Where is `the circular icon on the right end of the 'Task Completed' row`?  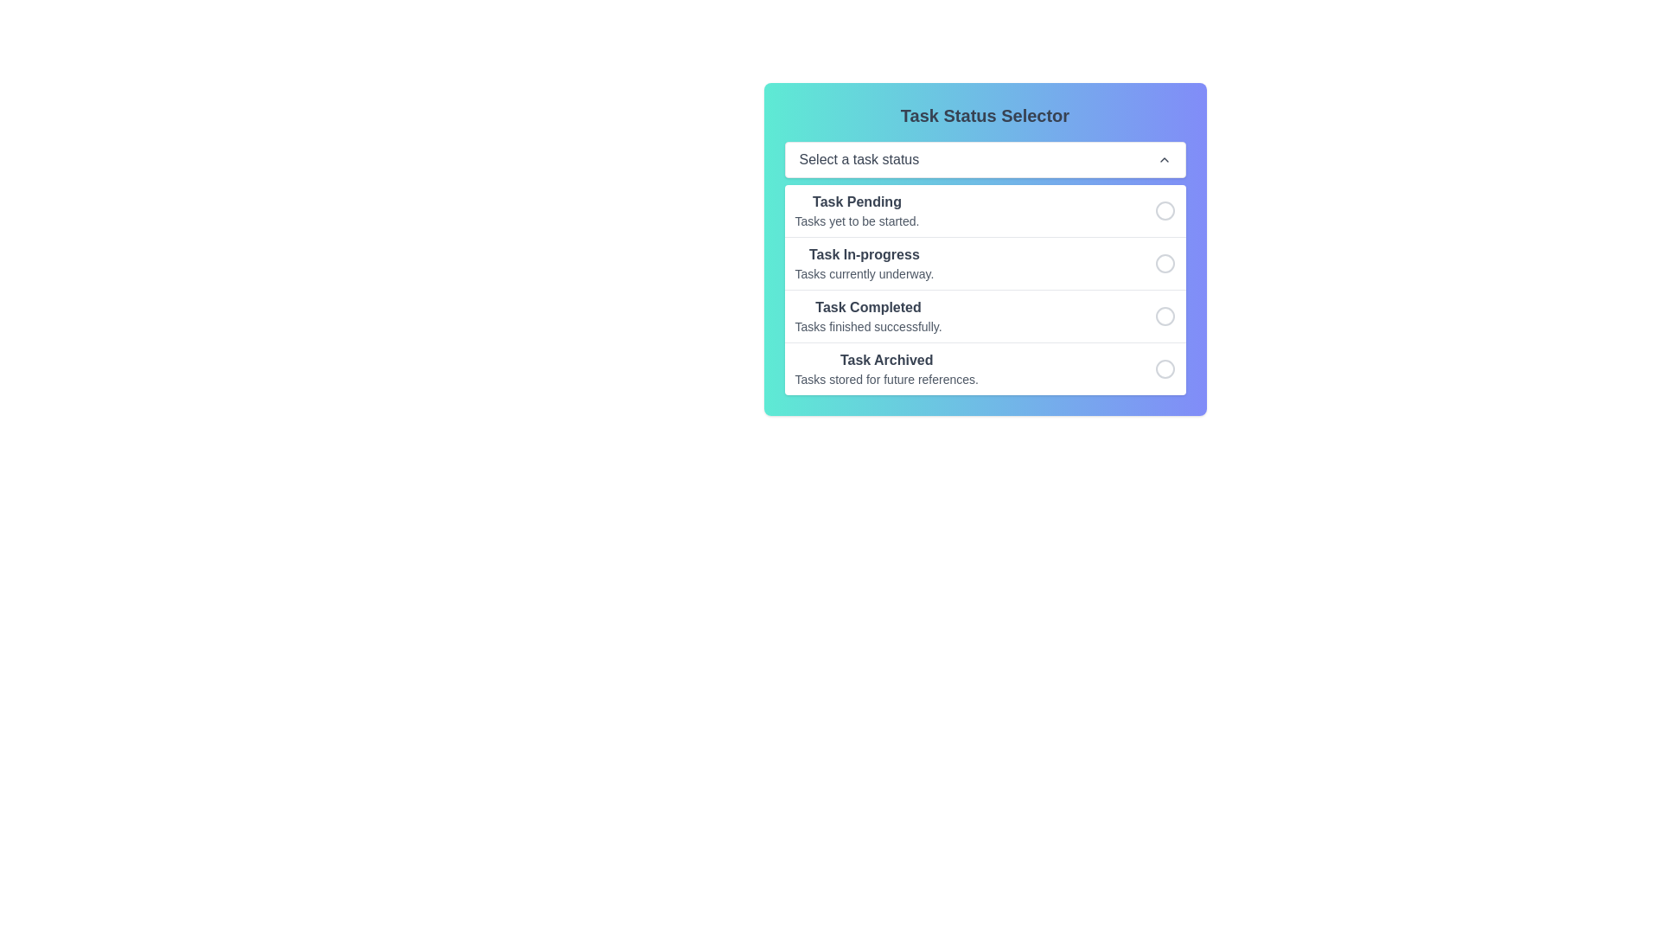
the circular icon on the right end of the 'Task Completed' row is located at coordinates (1165, 317).